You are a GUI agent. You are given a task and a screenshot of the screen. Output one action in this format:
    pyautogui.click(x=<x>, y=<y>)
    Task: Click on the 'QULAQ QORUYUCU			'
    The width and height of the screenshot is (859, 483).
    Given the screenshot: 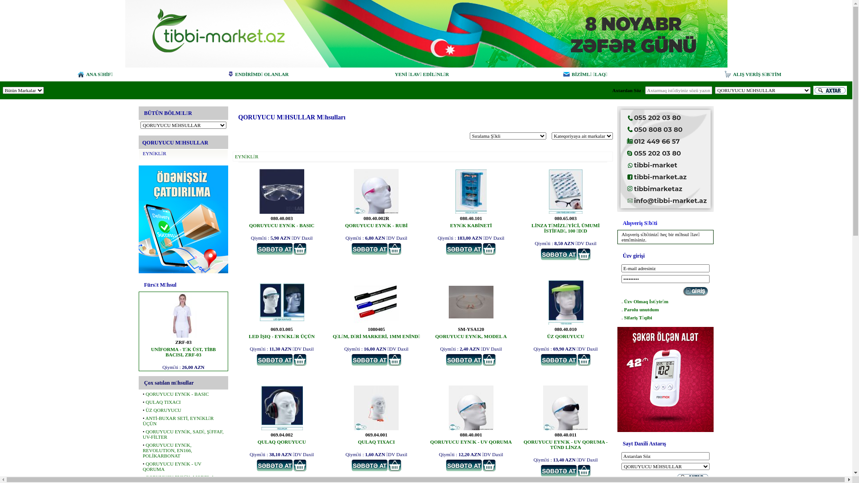 What is the action you would take?
    pyautogui.click(x=281, y=428)
    